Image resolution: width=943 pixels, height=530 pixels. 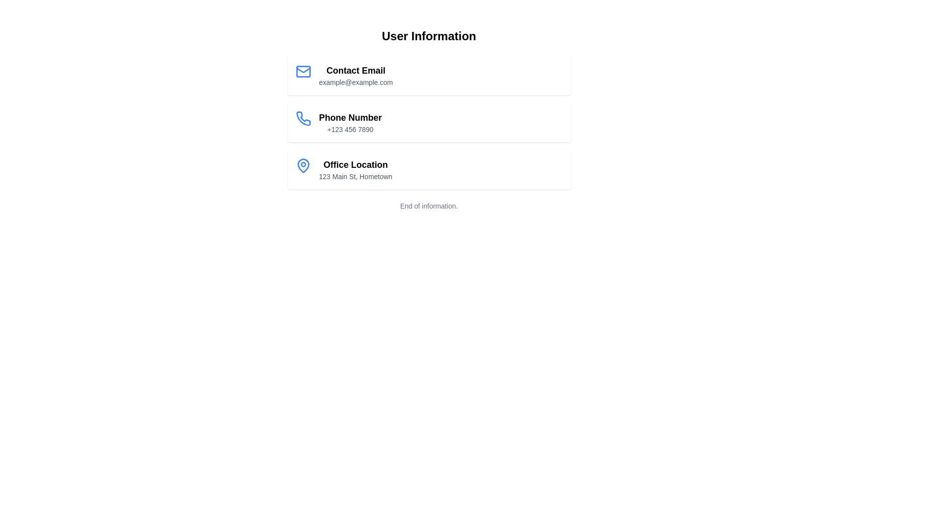 I want to click on the 'Office Location' text label, which is positioned under the 'Phone Number' entry and above the address description '123 Main St, Hometown', so click(x=355, y=164).